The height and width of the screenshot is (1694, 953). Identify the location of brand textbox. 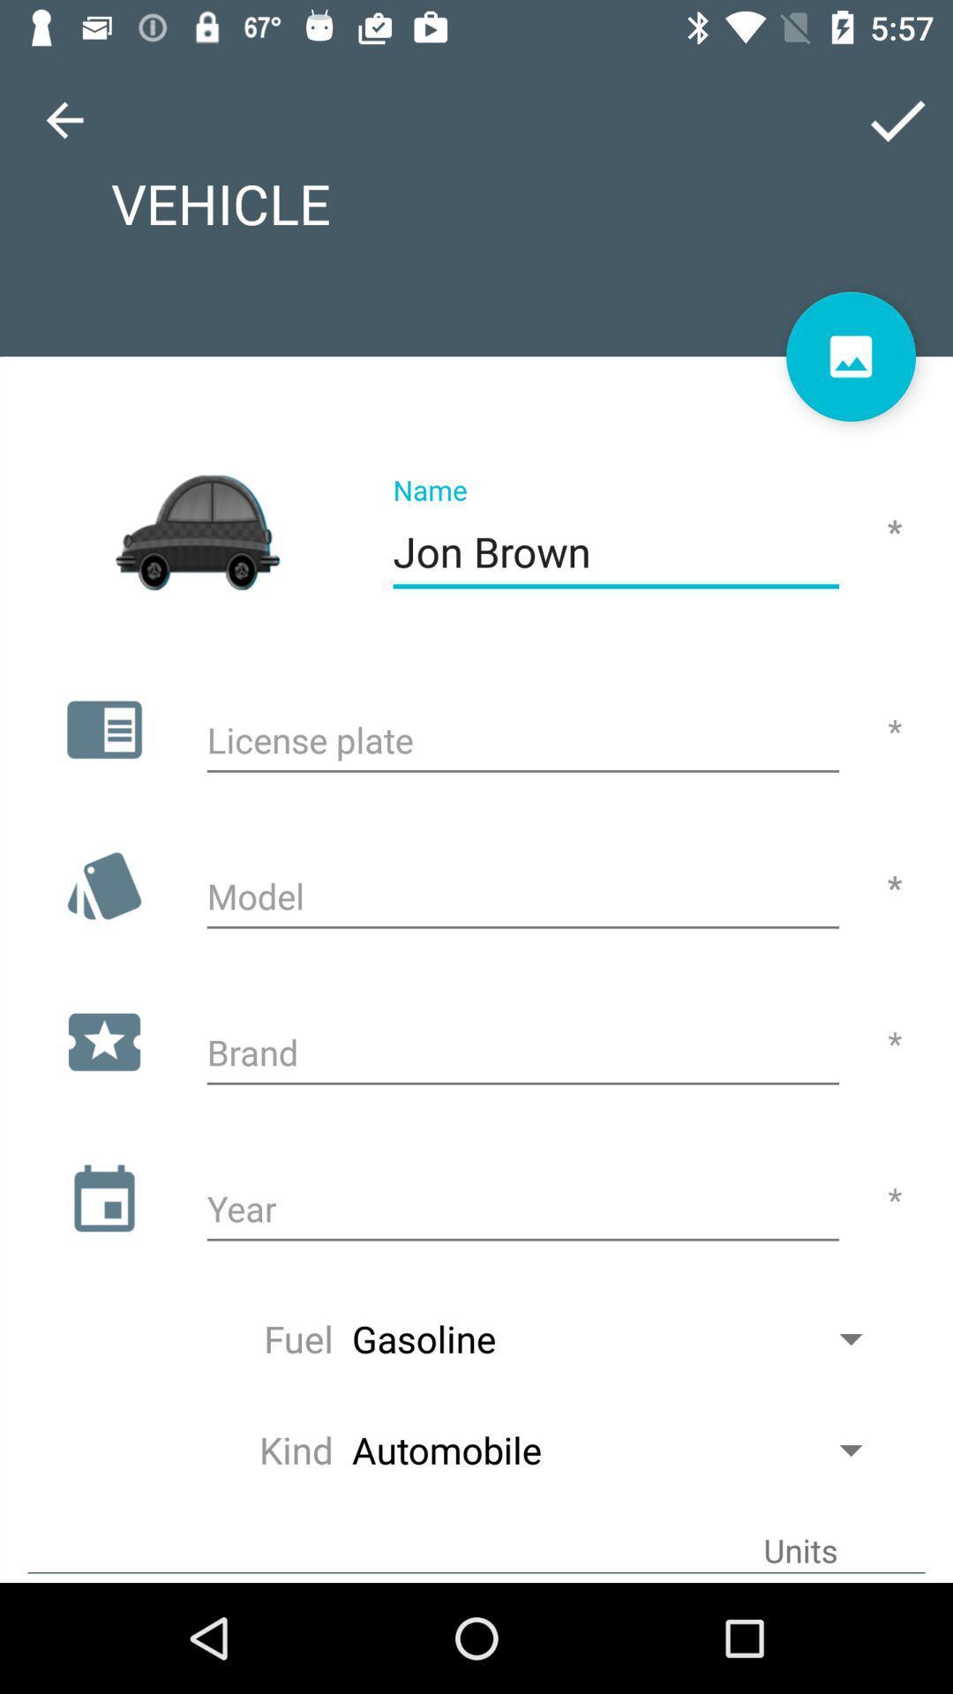
(522, 1055).